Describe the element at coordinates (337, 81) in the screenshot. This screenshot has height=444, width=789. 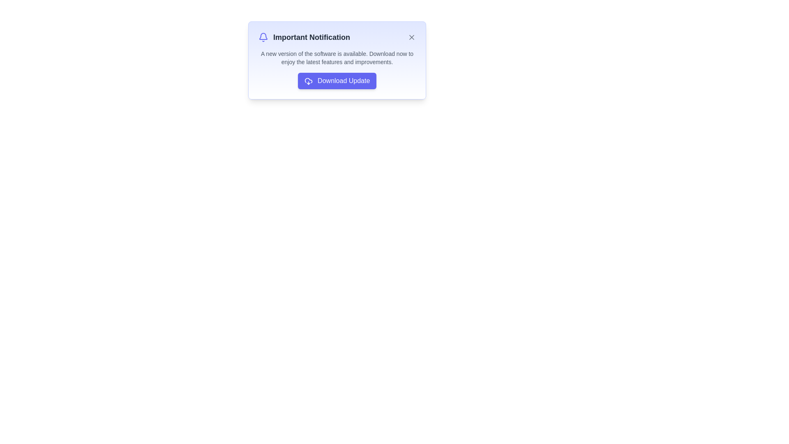
I see `the 'Download Update' button to initiate the download` at that location.